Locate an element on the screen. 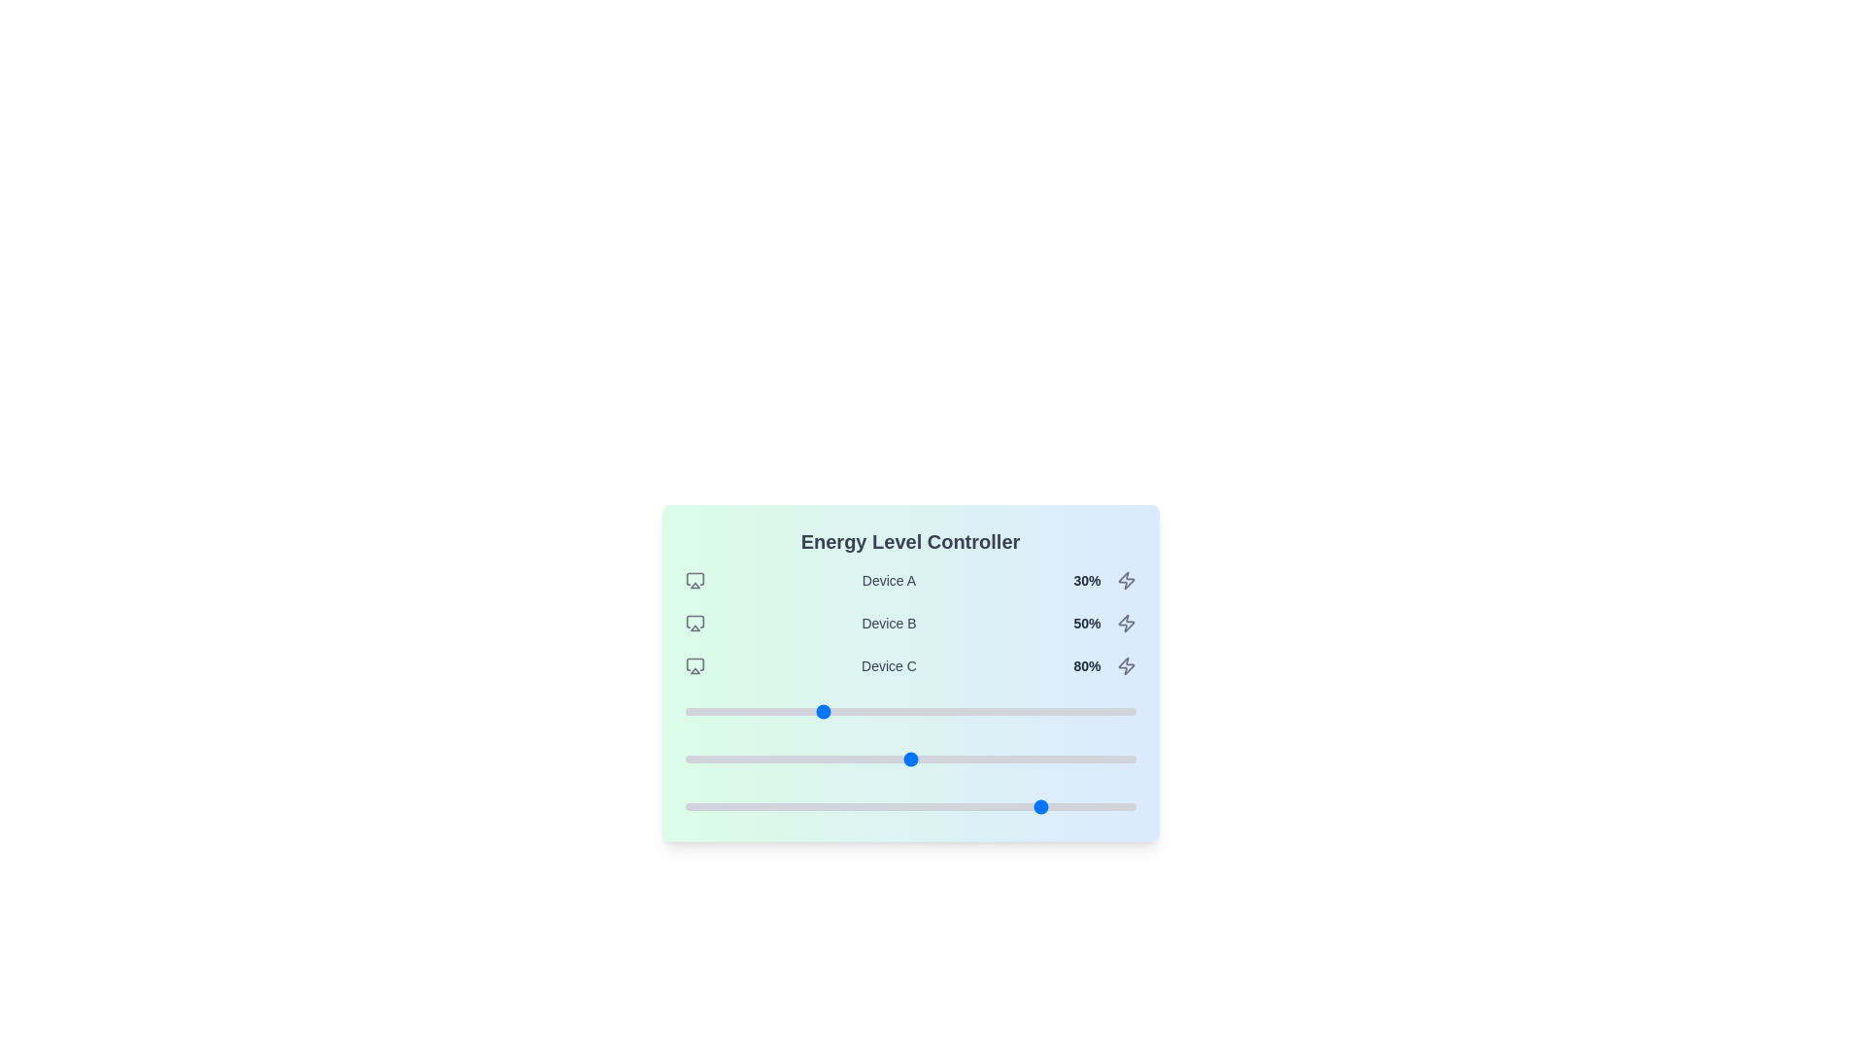 This screenshot has width=1865, height=1049. the slider for Device B to set its energy level to 49% is located at coordinates (904, 759).